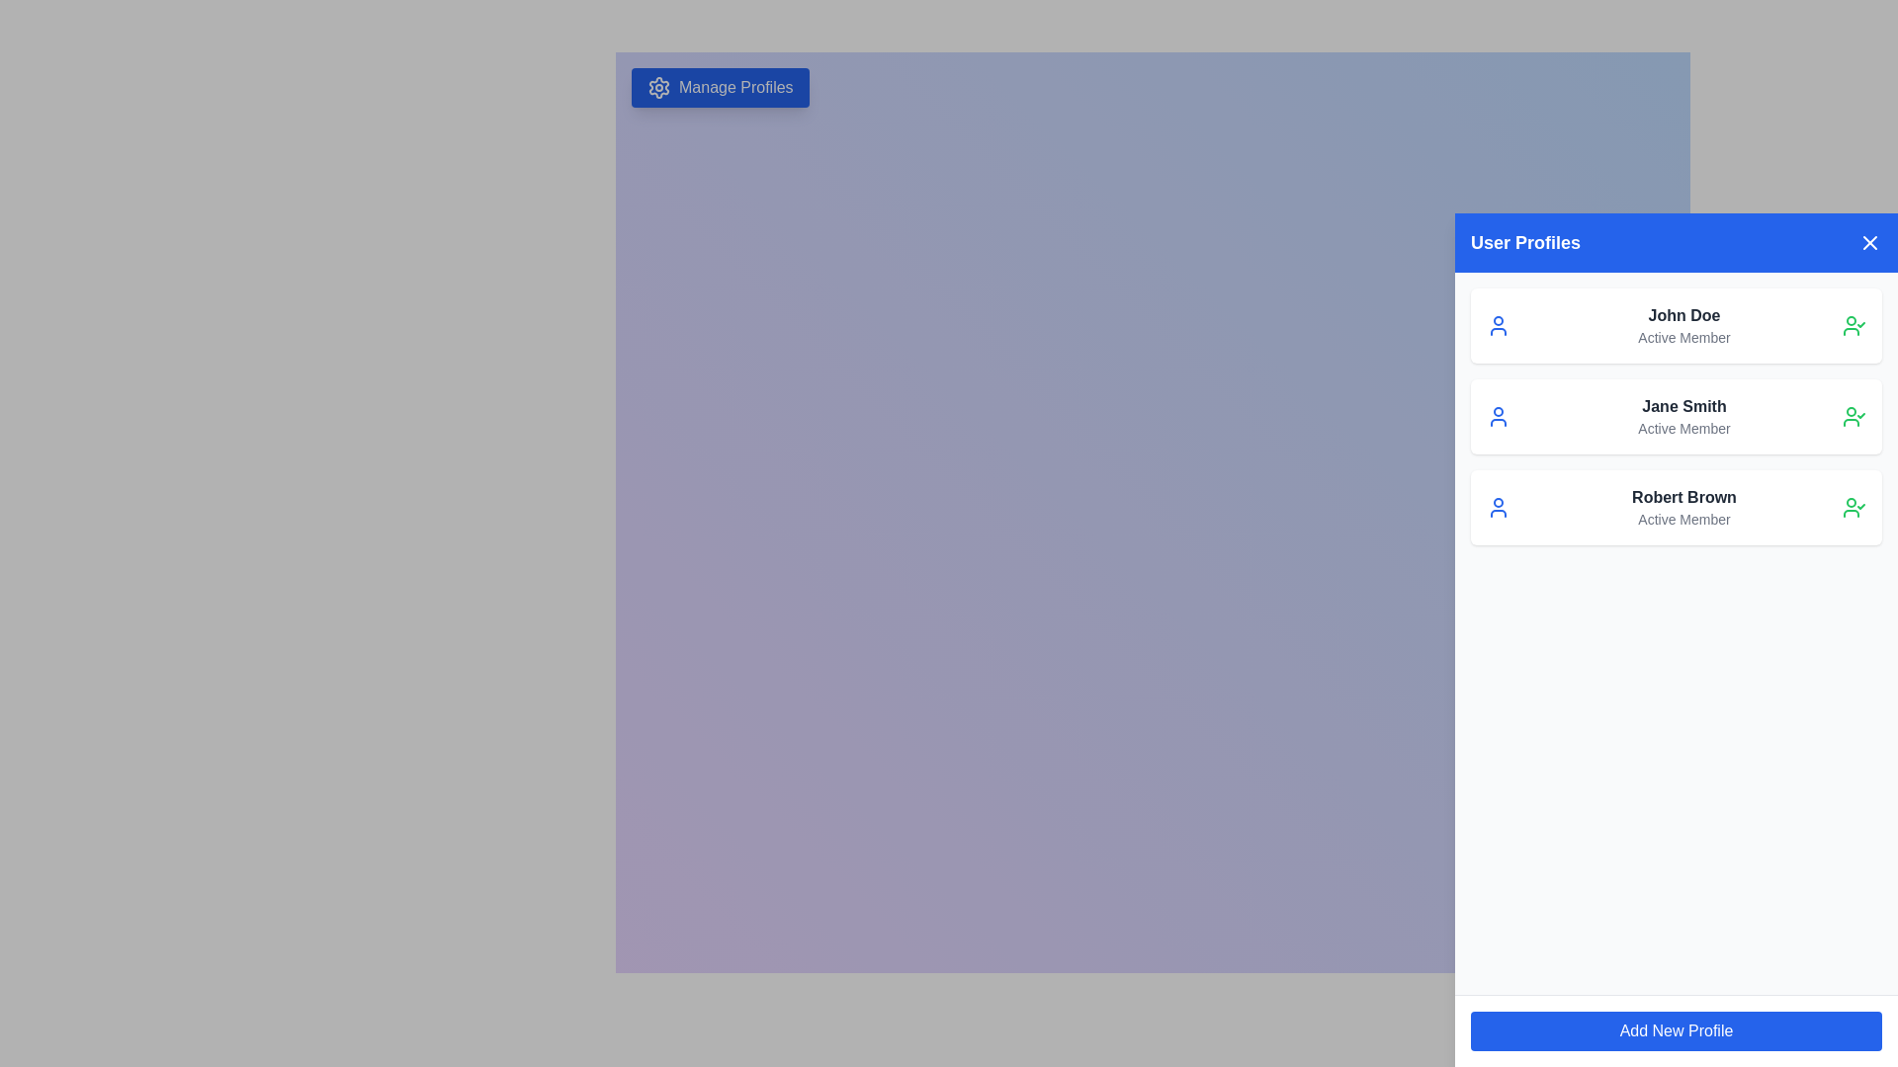  What do you see at coordinates (1683, 518) in the screenshot?
I see `text from the 'Active Member' label, which is a smaller gray text indicating a secondary status, located below the bold name 'Robert Brown' in the User Profiles sidebar` at bounding box center [1683, 518].